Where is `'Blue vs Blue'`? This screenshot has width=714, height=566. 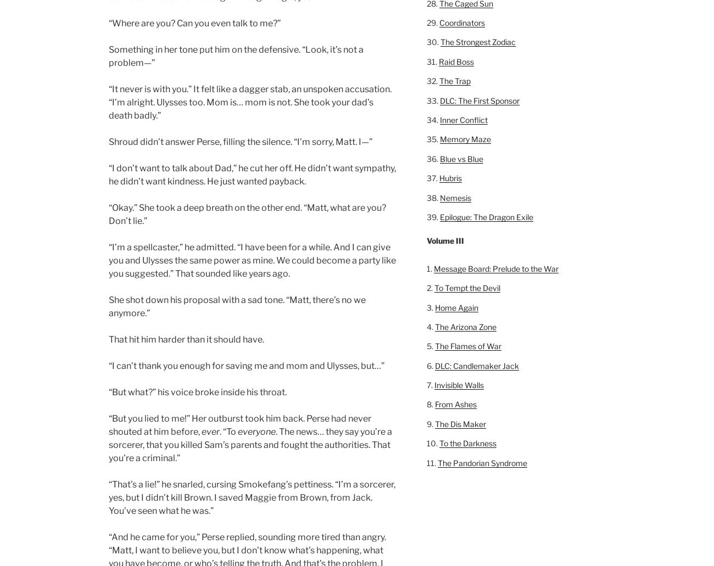
'Blue vs Blue' is located at coordinates (461, 158).